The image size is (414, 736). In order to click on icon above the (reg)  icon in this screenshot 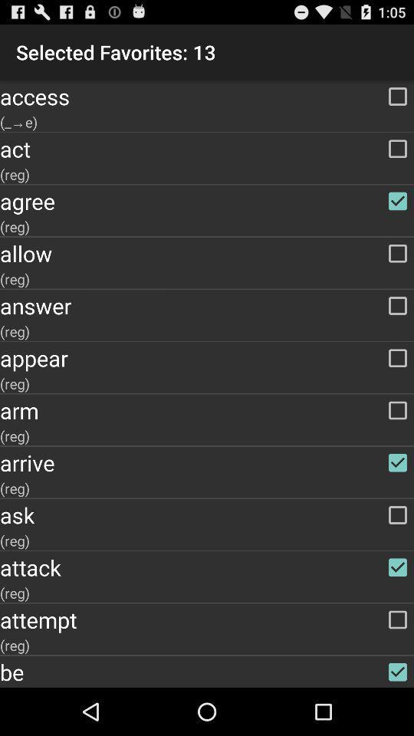, I will do `click(207, 304)`.